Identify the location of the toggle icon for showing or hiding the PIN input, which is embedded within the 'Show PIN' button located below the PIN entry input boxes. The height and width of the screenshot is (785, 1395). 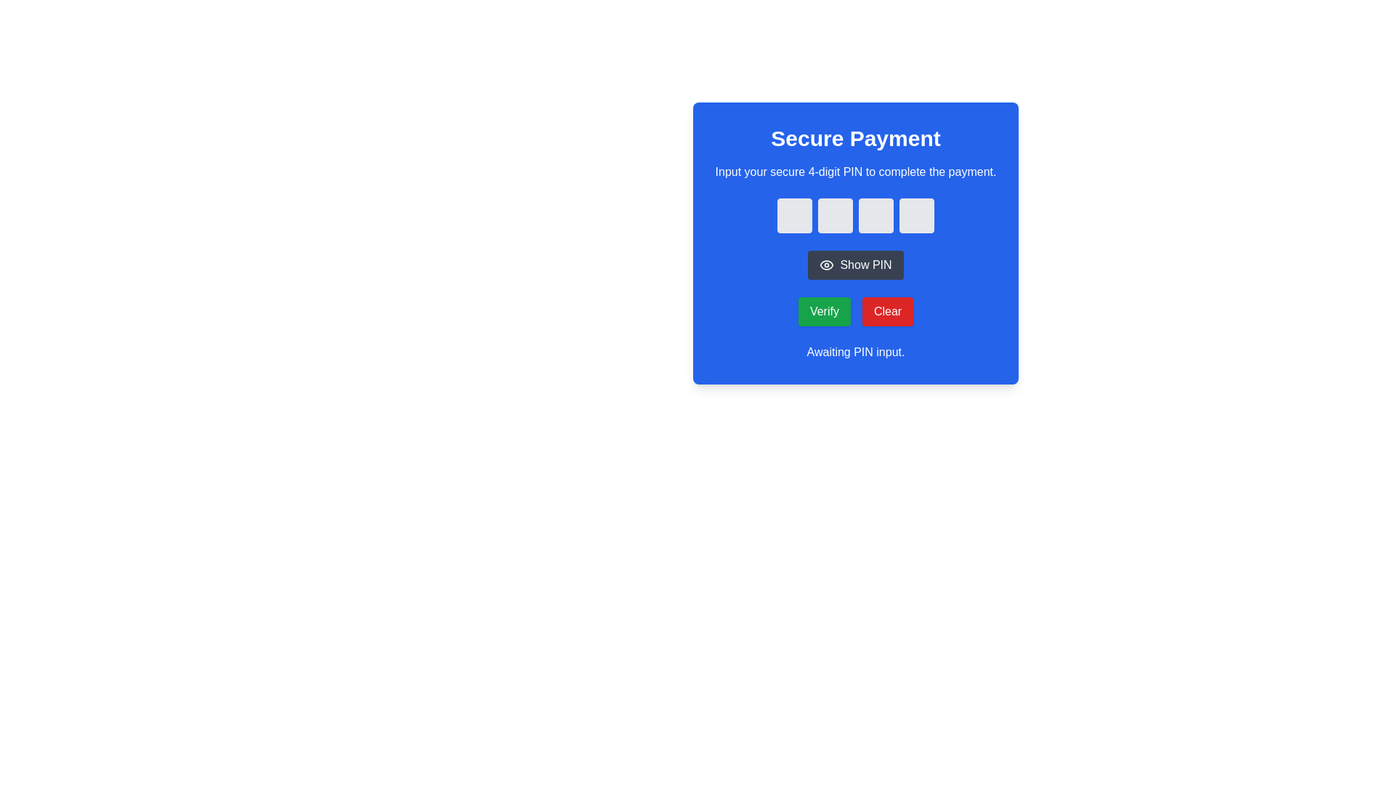
(827, 265).